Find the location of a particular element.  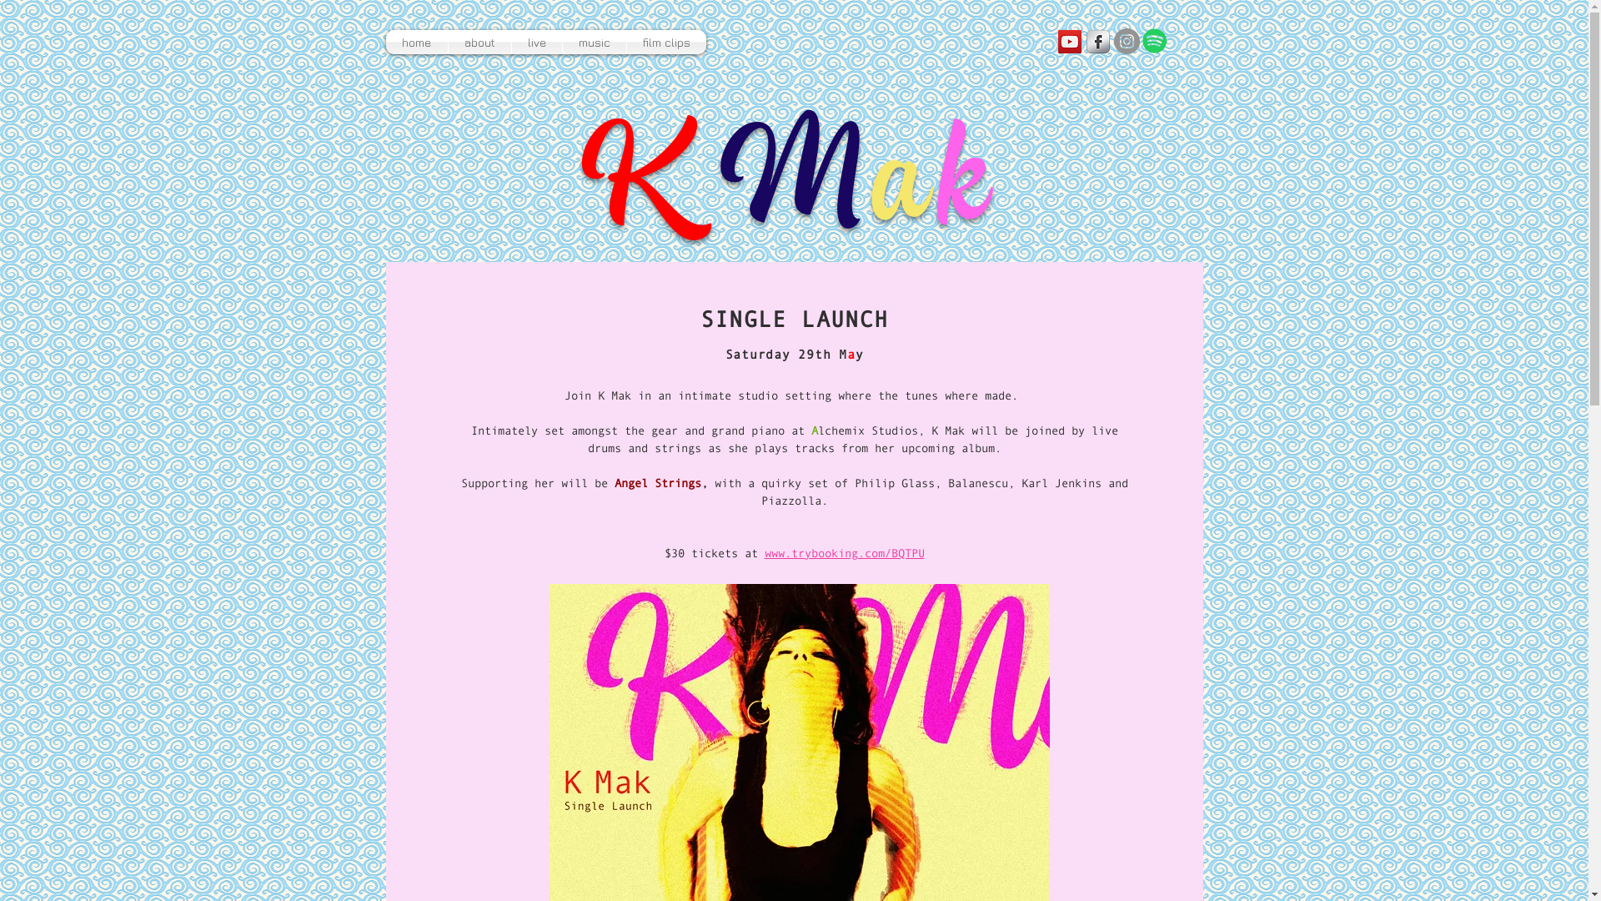

'live' is located at coordinates (536, 41).